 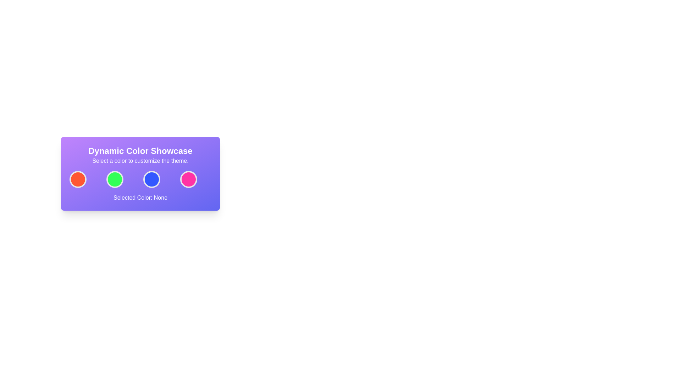 I want to click on the orange color selection button in the 'Dynamic Color Showcase' section, so click(x=78, y=179).